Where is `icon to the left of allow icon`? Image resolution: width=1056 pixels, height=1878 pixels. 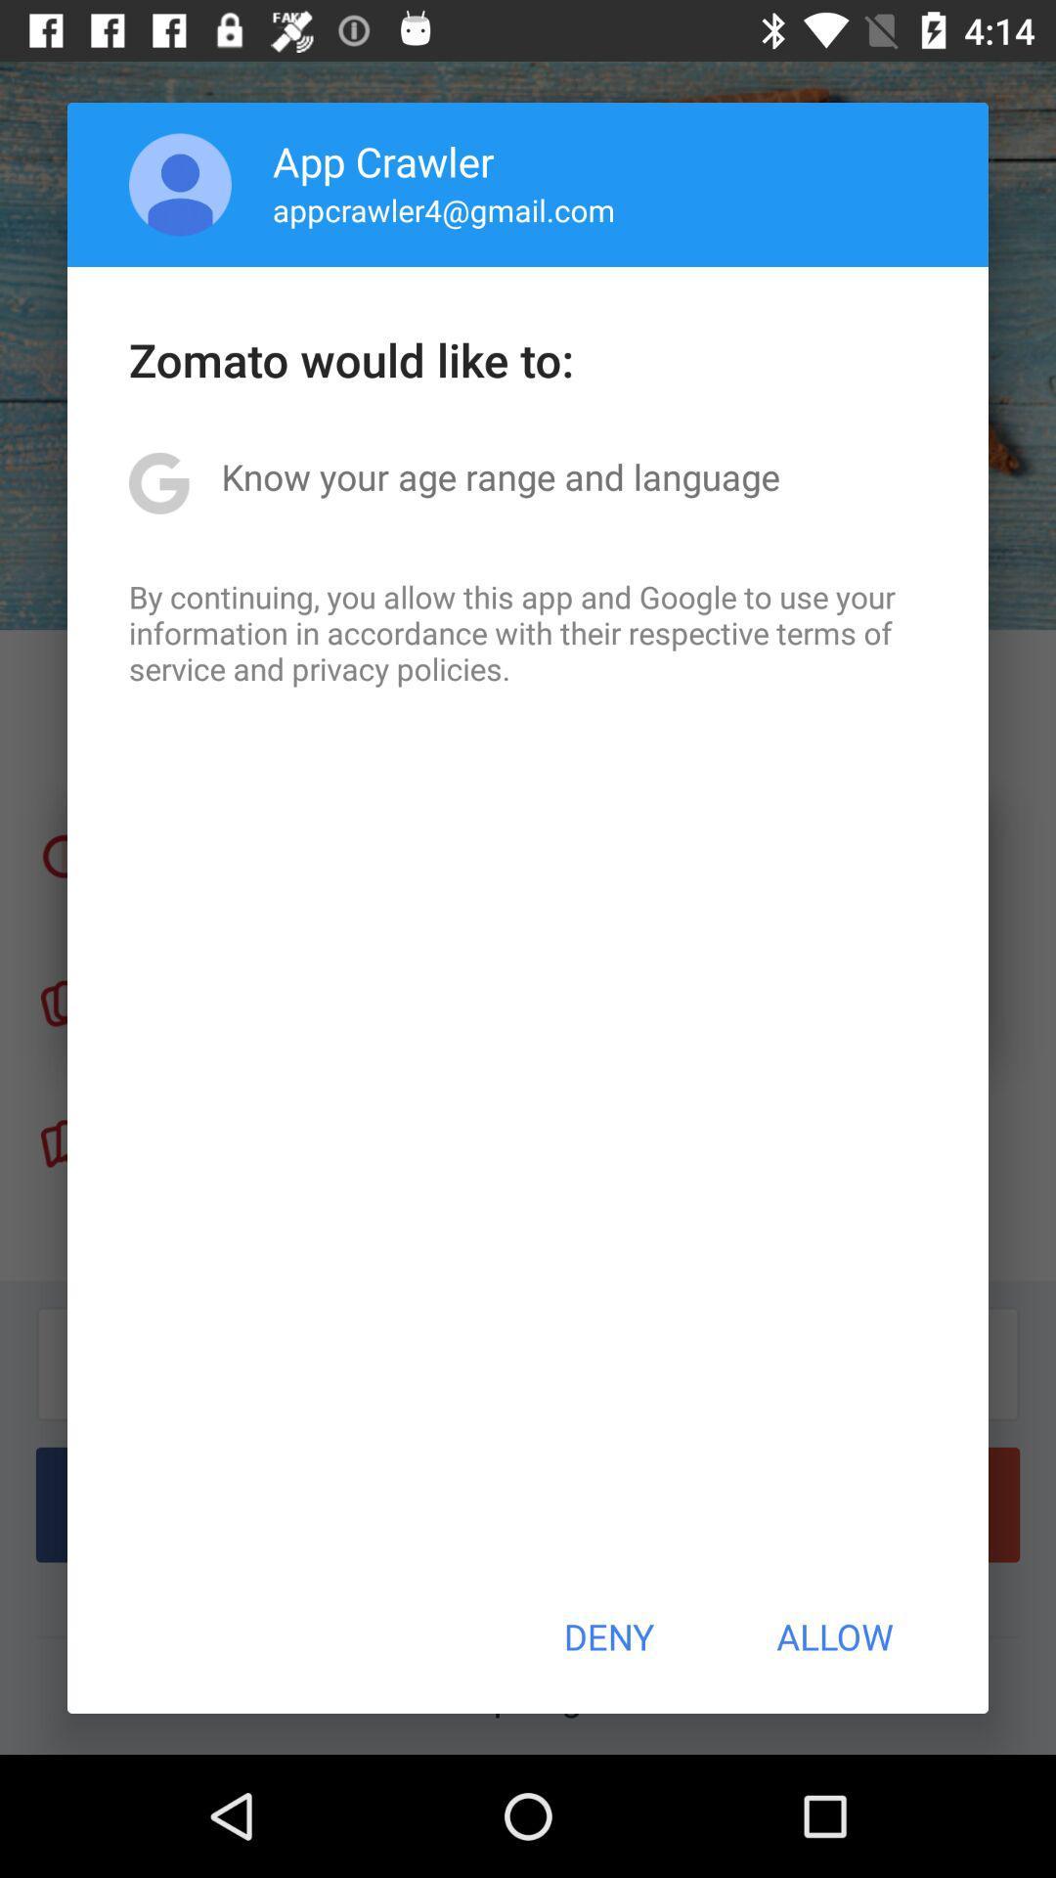
icon to the left of allow icon is located at coordinates (607, 1636).